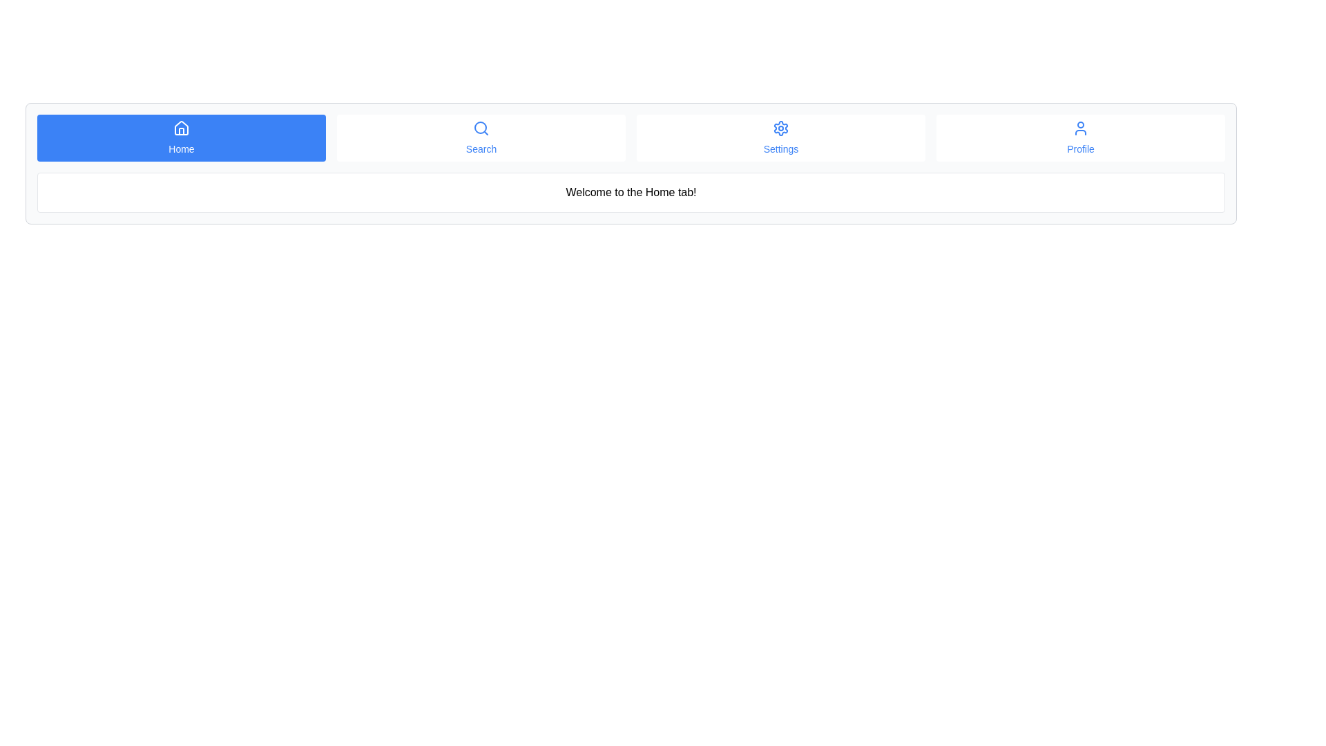 The height and width of the screenshot is (746, 1326). Describe the element at coordinates (181, 138) in the screenshot. I see `the 'Home' button in the navigation bar` at that location.